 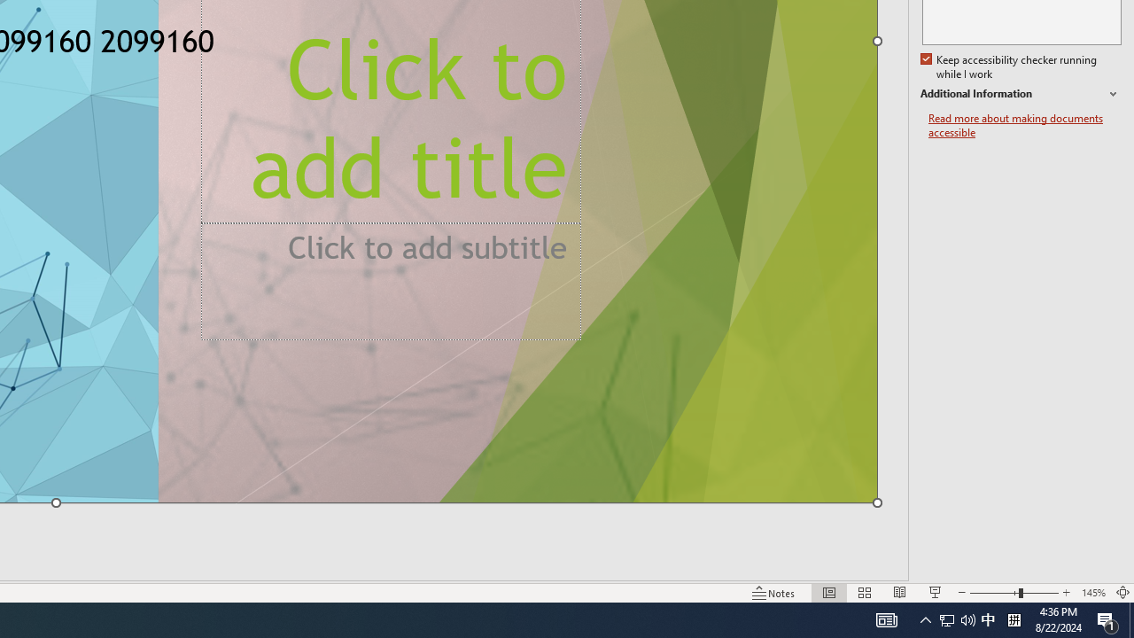 What do you see at coordinates (1010, 66) in the screenshot?
I see `'Keep accessibility checker running while I work'` at bounding box center [1010, 66].